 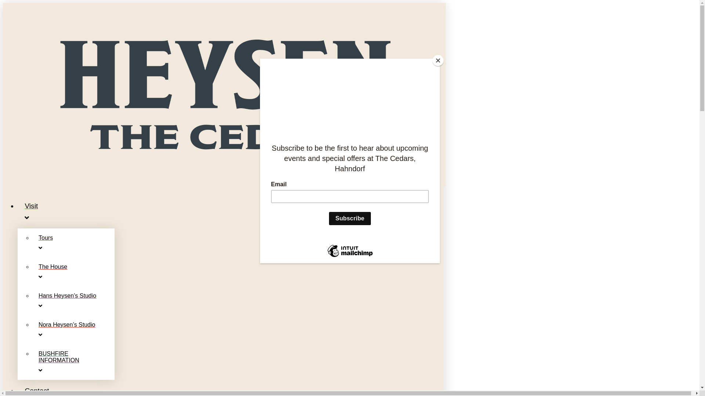 I want to click on 'BUSHFIRE INFORMATION', so click(x=73, y=362).